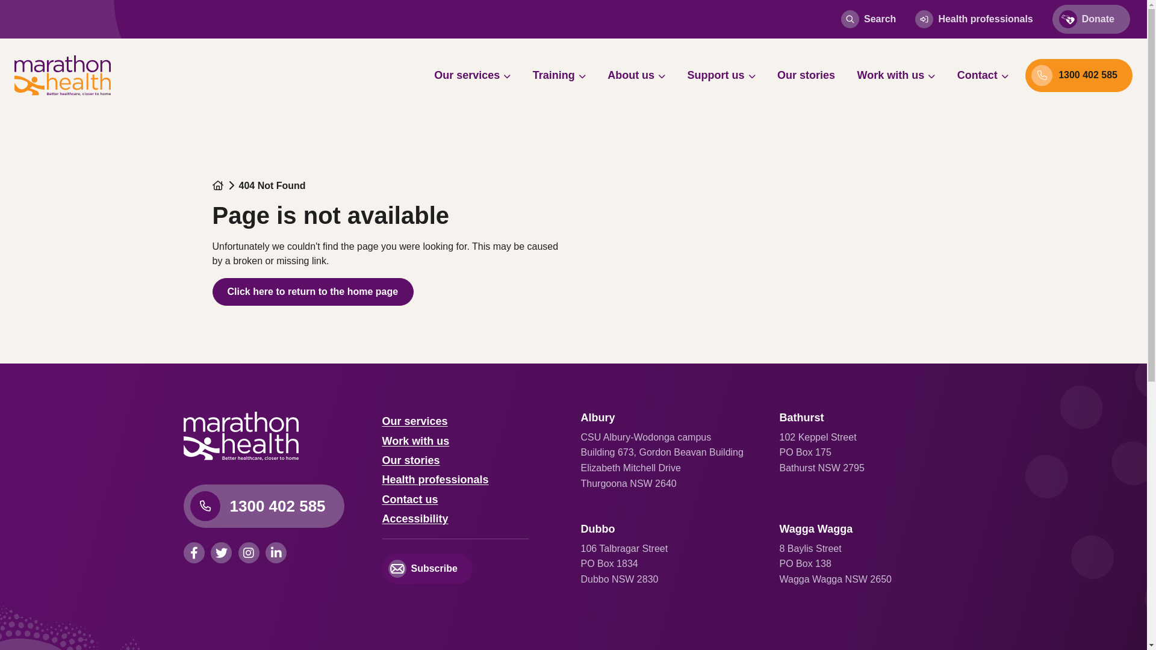 This screenshot has height=650, width=1156. I want to click on 'Support us', so click(678, 75).